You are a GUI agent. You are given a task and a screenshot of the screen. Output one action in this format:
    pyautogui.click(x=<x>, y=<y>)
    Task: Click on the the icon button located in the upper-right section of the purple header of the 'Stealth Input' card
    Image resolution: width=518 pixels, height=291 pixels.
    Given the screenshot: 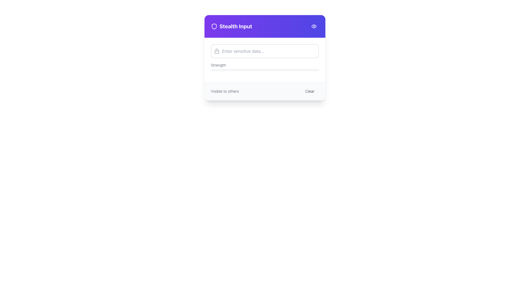 What is the action you would take?
    pyautogui.click(x=314, y=26)
    